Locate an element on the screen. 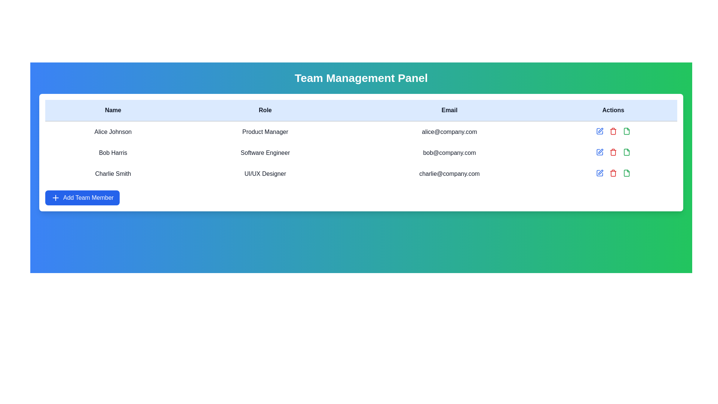 The width and height of the screenshot is (718, 404). the small blue pen icon for editing located in the first position of the action icons row under the 'Actions' column for the third table row (Charlie Smith) is located at coordinates (601, 172).